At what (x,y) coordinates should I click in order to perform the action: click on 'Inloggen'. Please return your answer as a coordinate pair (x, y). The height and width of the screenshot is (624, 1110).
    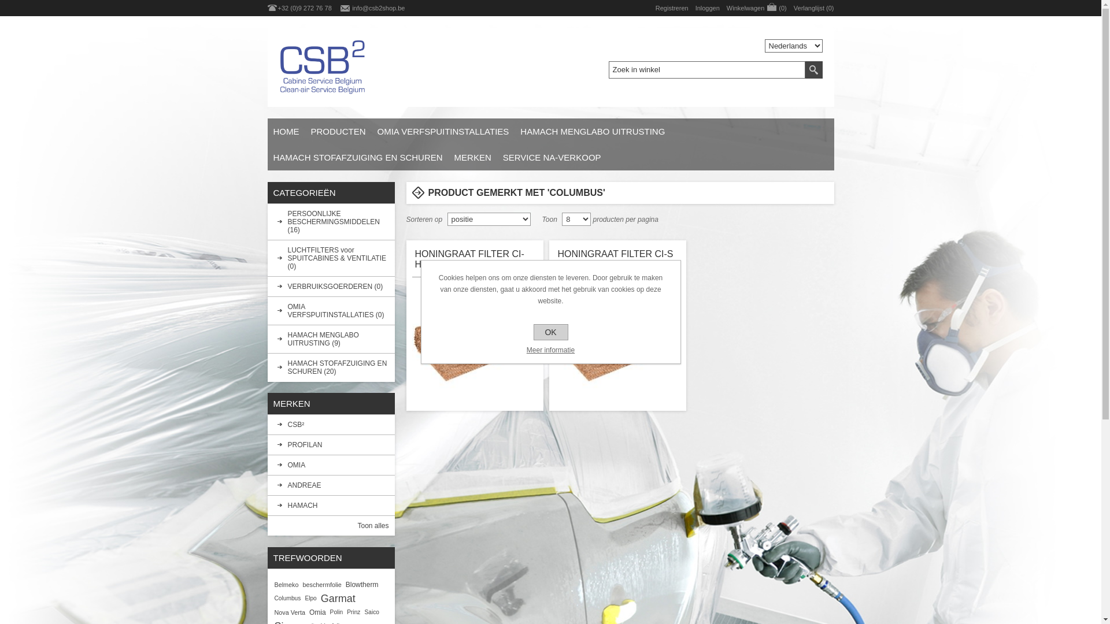
    Looking at the image, I should click on (695, 8).